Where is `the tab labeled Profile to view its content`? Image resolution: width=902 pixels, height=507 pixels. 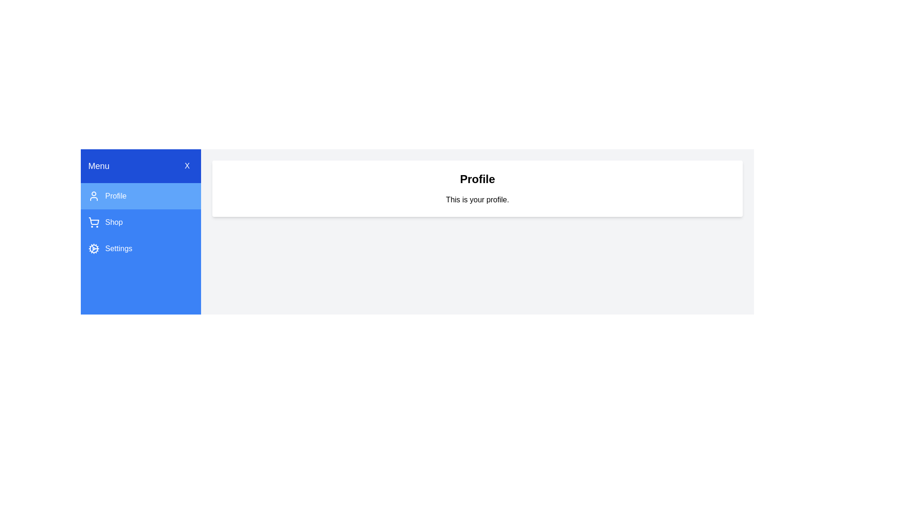 the tab labeled Profile to view its content is located at coordinates (140, 195).